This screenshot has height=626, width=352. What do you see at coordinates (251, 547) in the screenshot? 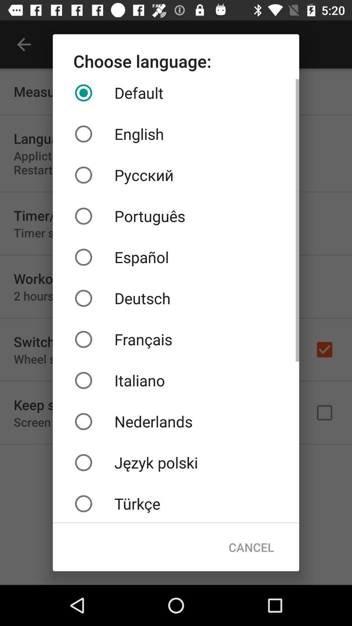
I see `the icon at the bottom right corner` at bounding box center [251, 547].